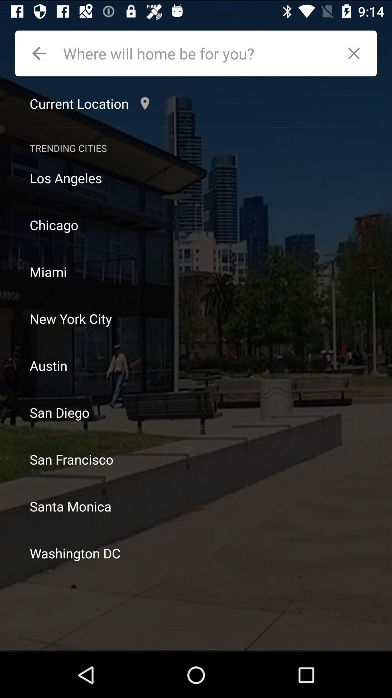 This screenshot has width=392, height=698. Describe the element at coordinates (198, 53) in the screenshot. I see `address` at that location.